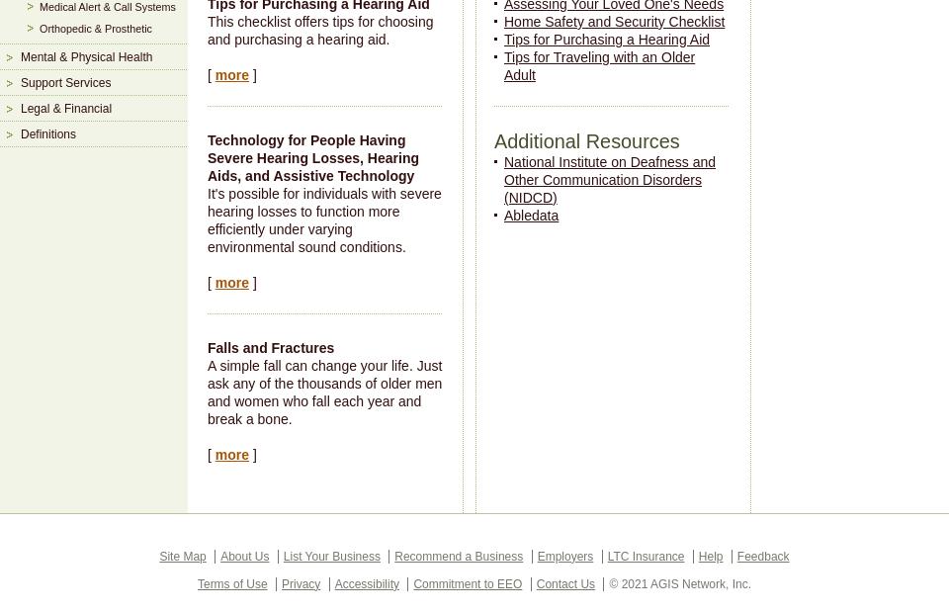 The image size is (949, 613). I want to click on 'Medical Alert & Call Systems', so click(107, 6).